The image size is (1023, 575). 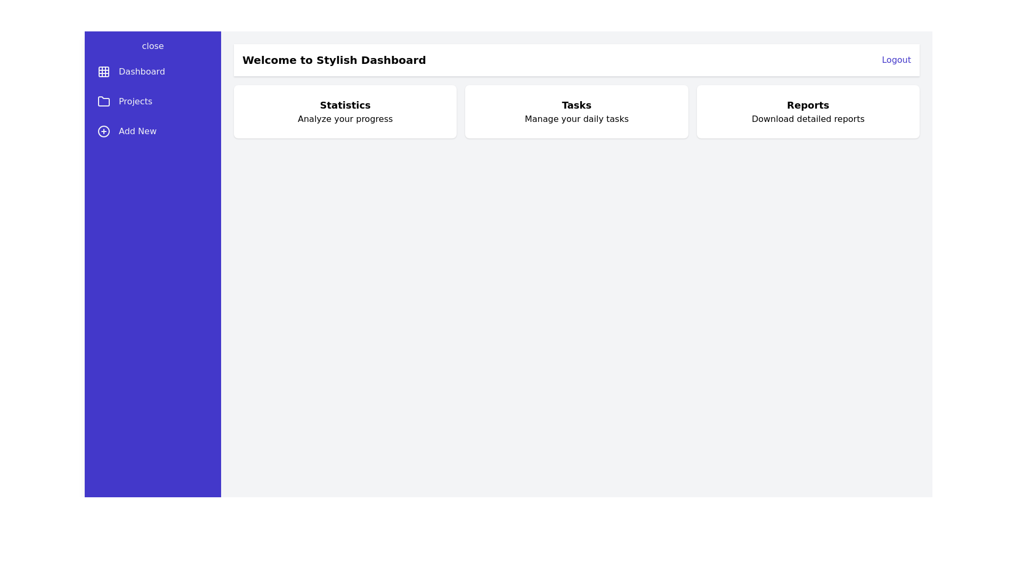 I want to click on the 'Add New' button, so click(x=152, y=130).